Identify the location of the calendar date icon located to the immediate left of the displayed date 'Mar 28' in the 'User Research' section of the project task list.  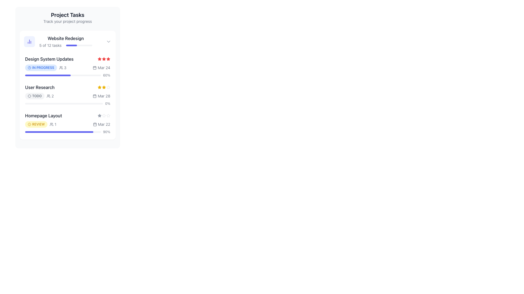
(95, 96).